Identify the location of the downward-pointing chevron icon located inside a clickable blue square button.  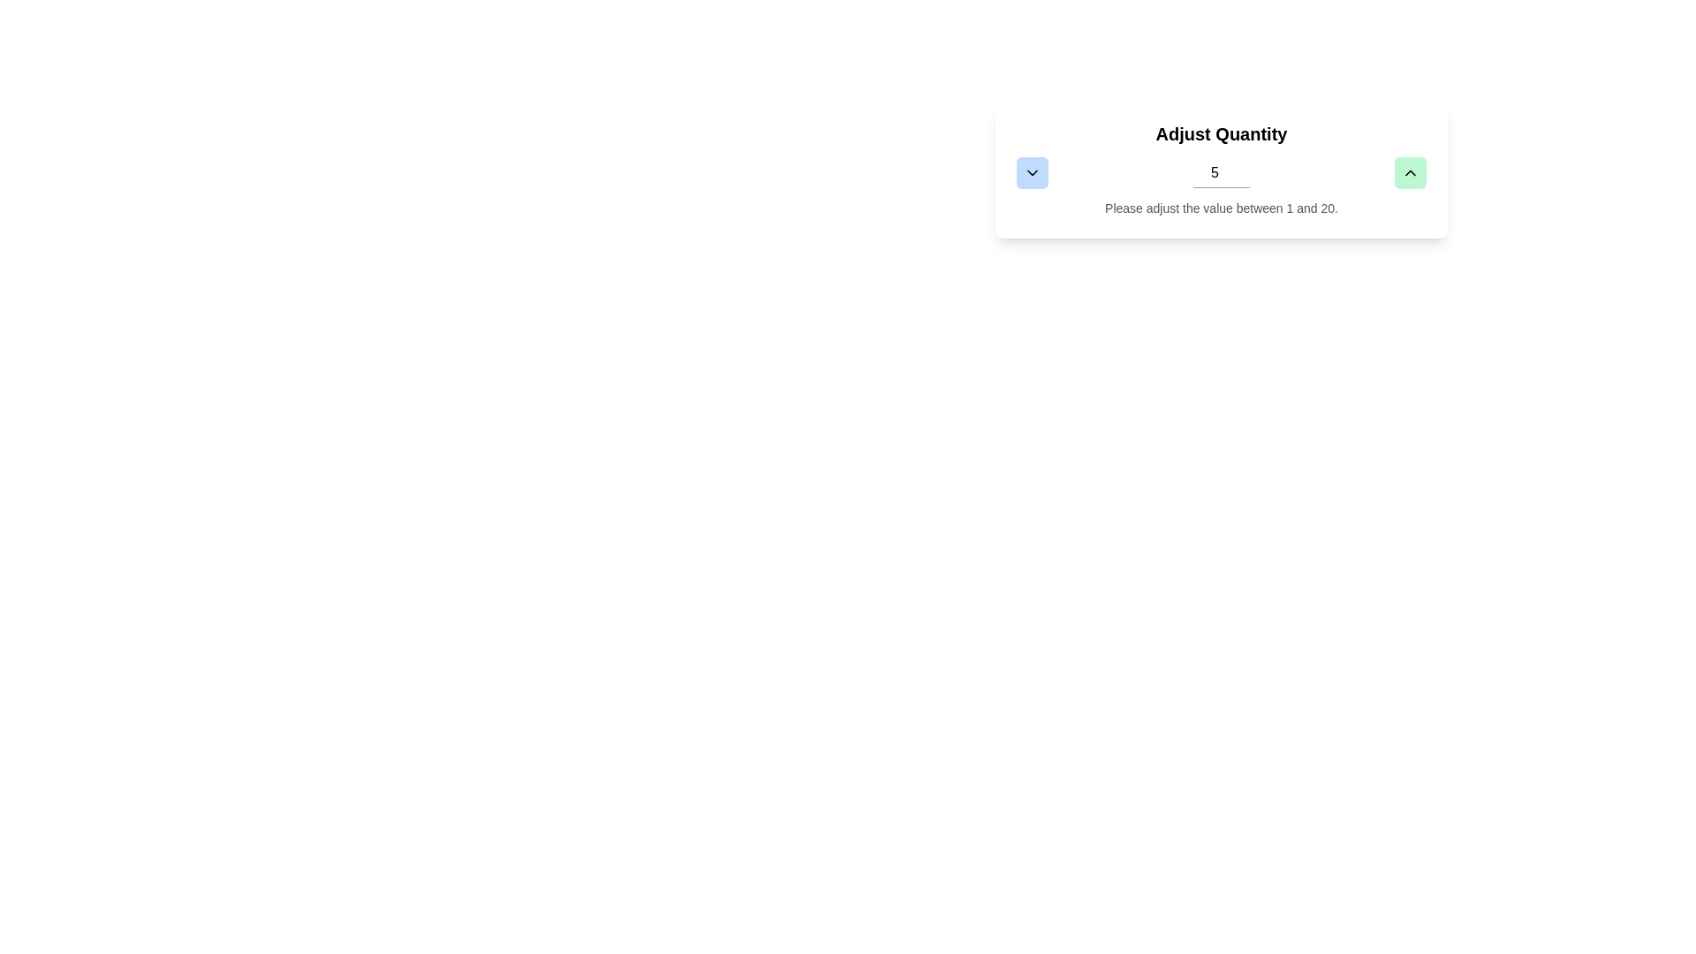
(1033, 173).